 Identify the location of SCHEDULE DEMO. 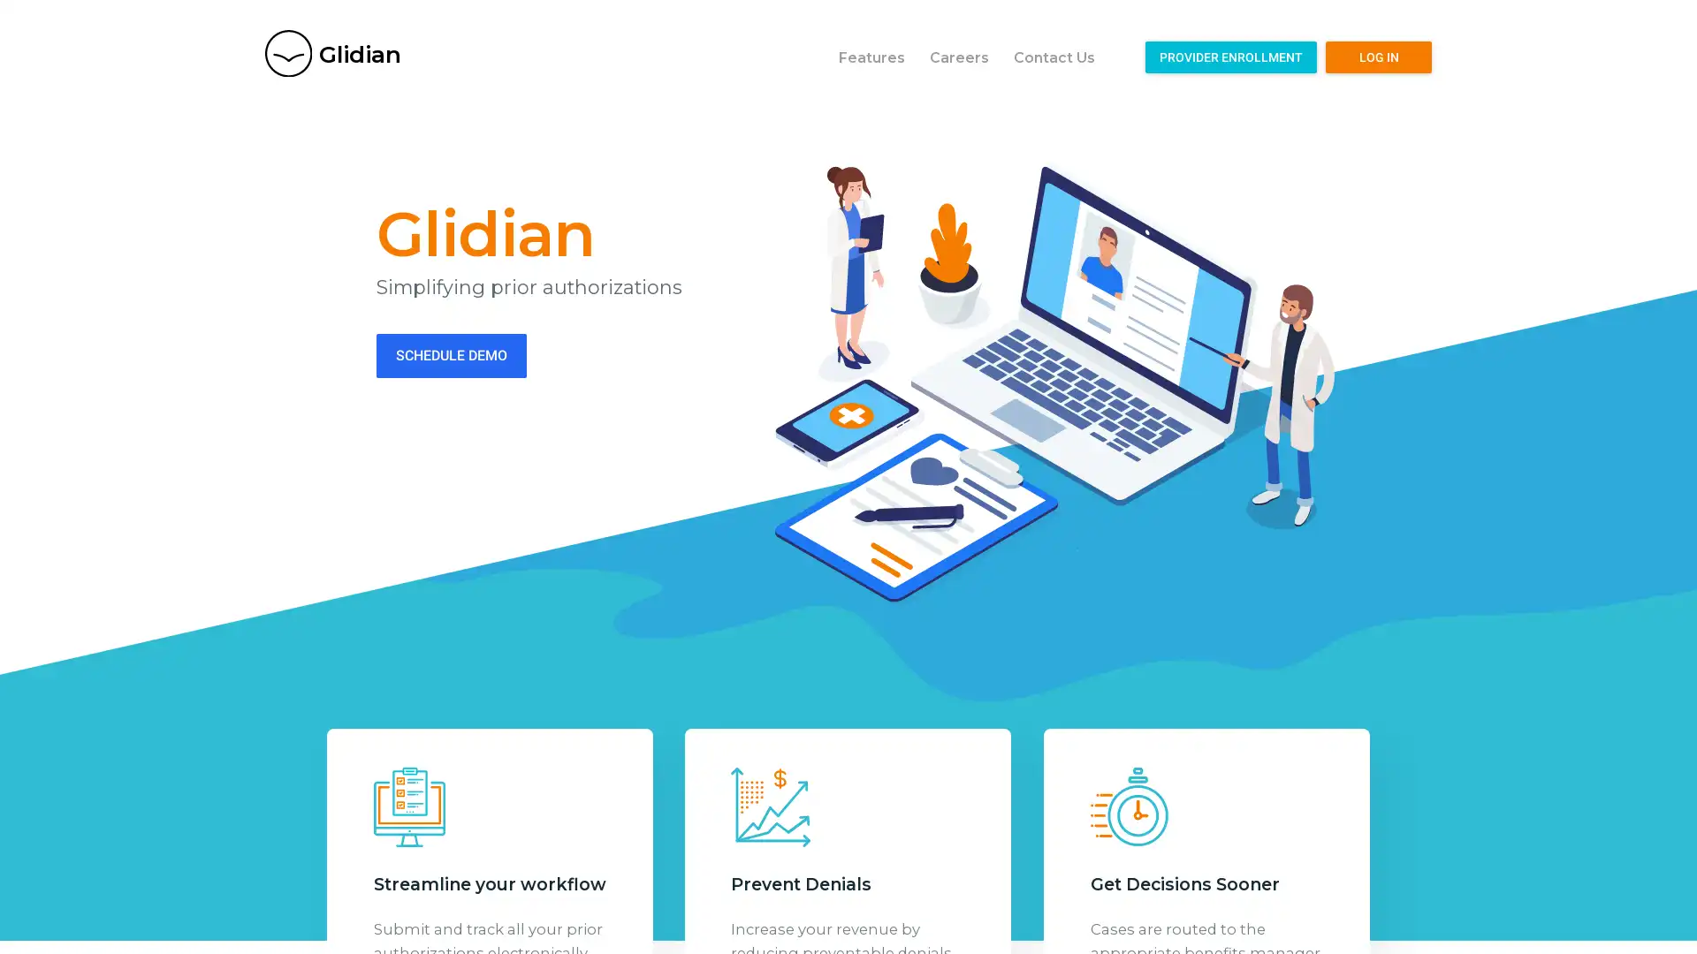
(450, 354).